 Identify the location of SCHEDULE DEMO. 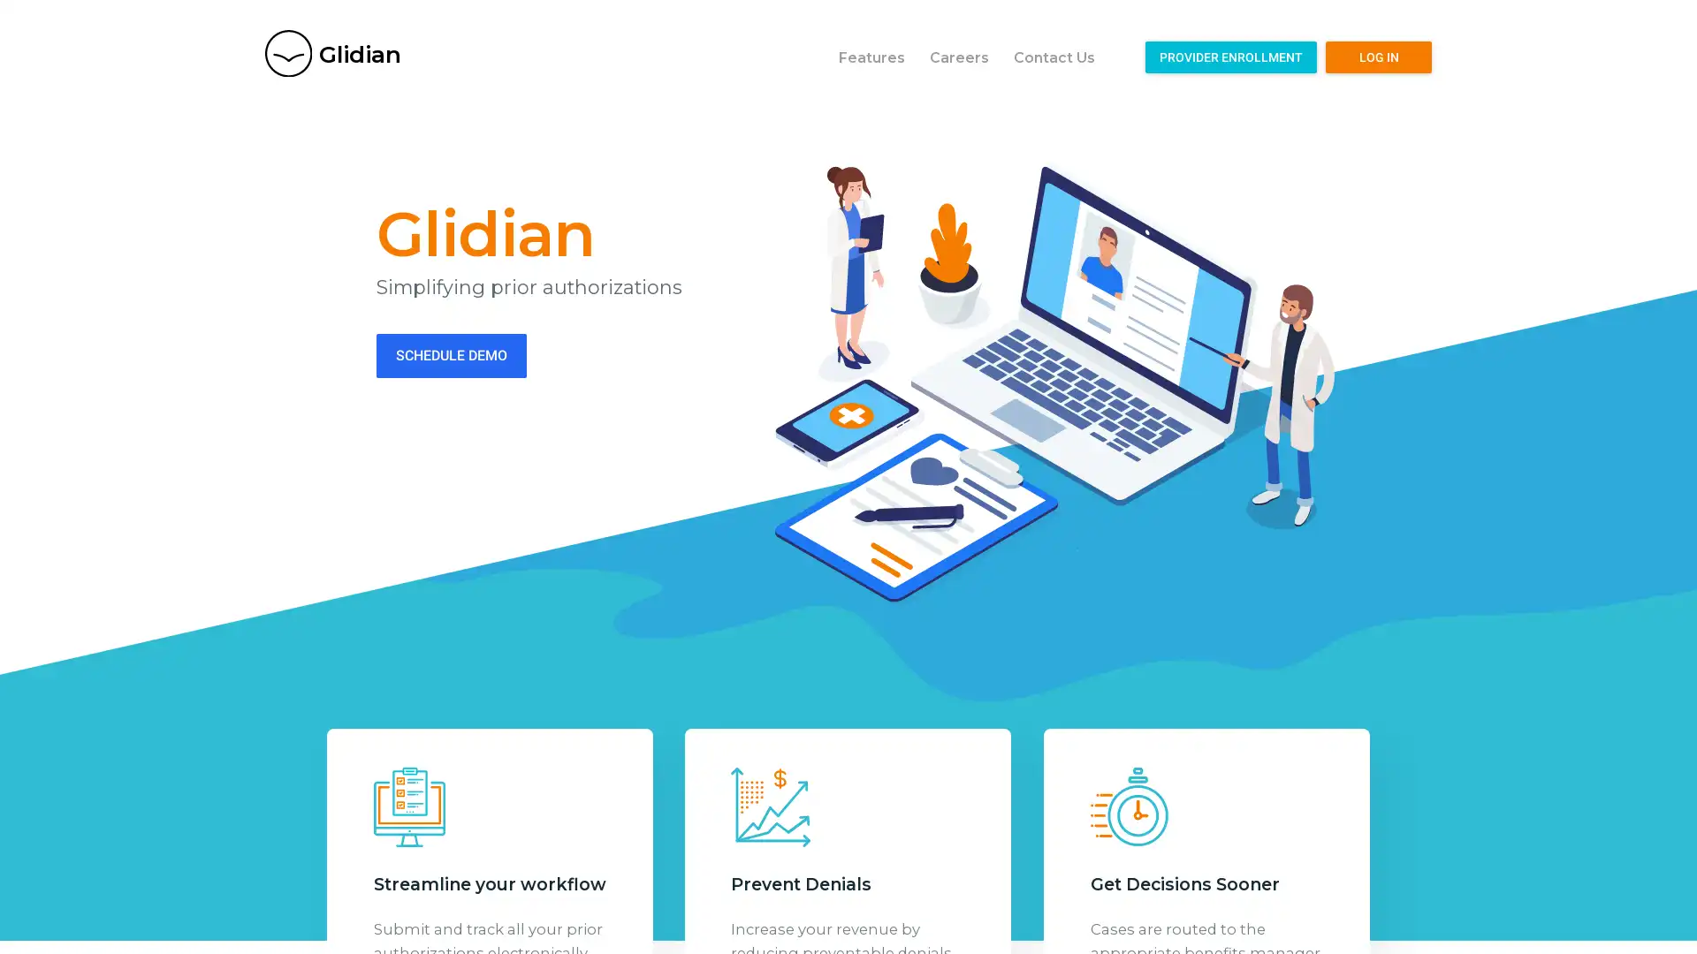
(450, 354).